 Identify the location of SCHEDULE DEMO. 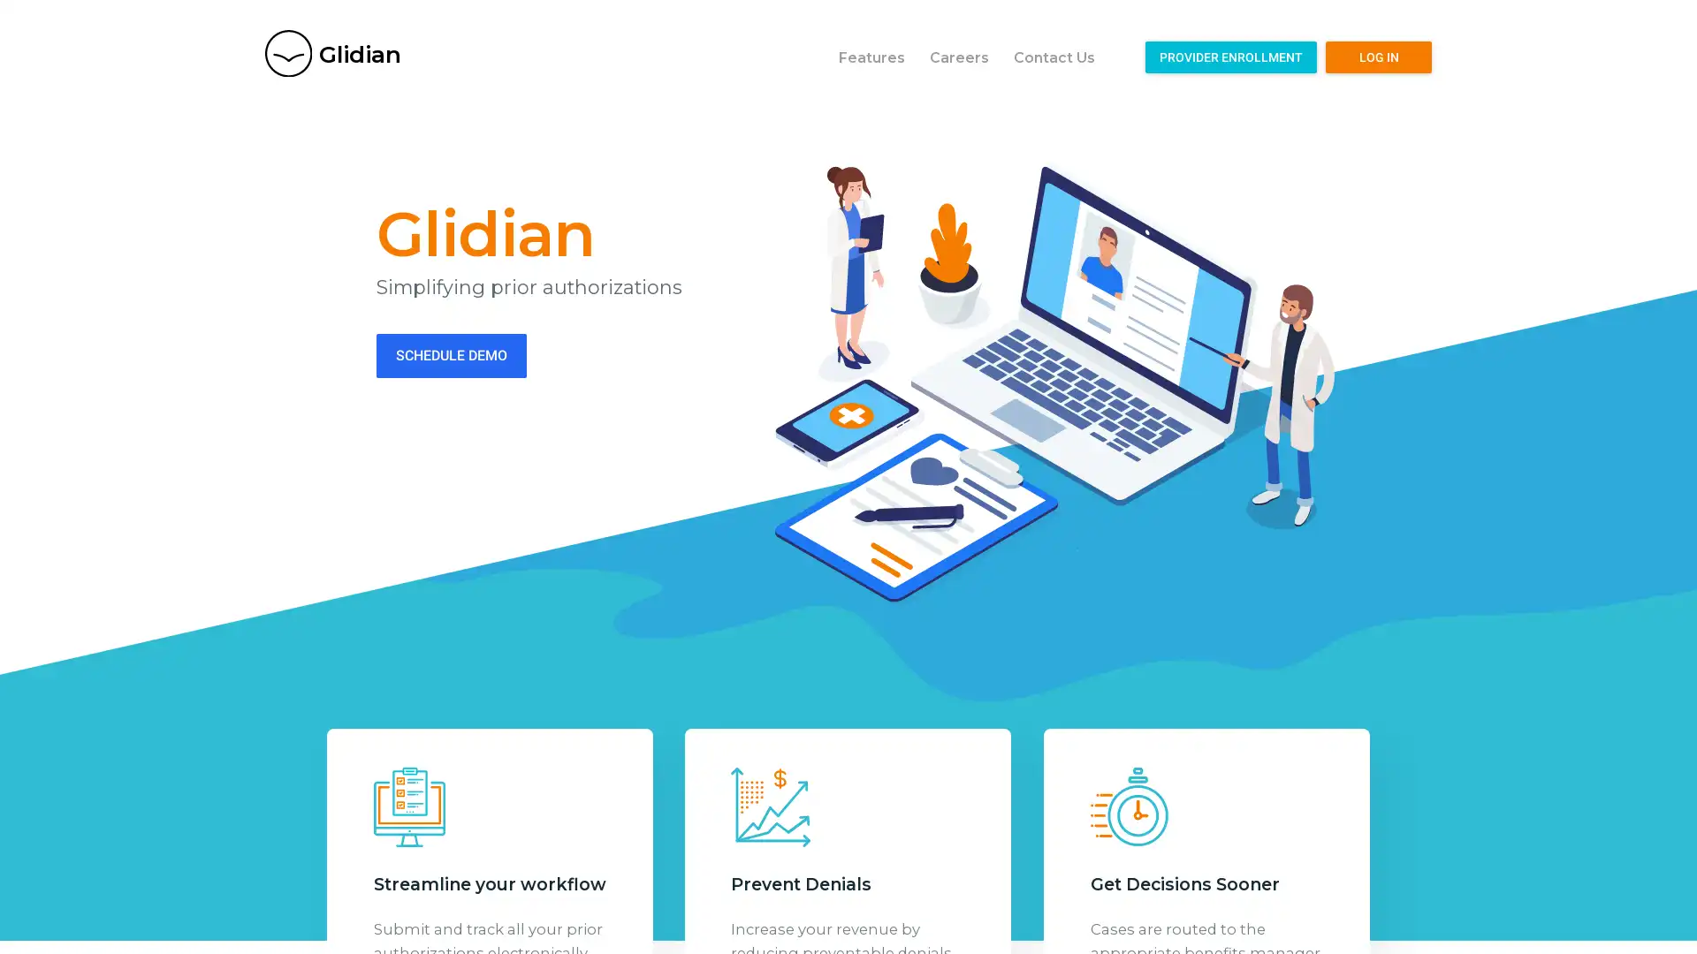
(450, 354).